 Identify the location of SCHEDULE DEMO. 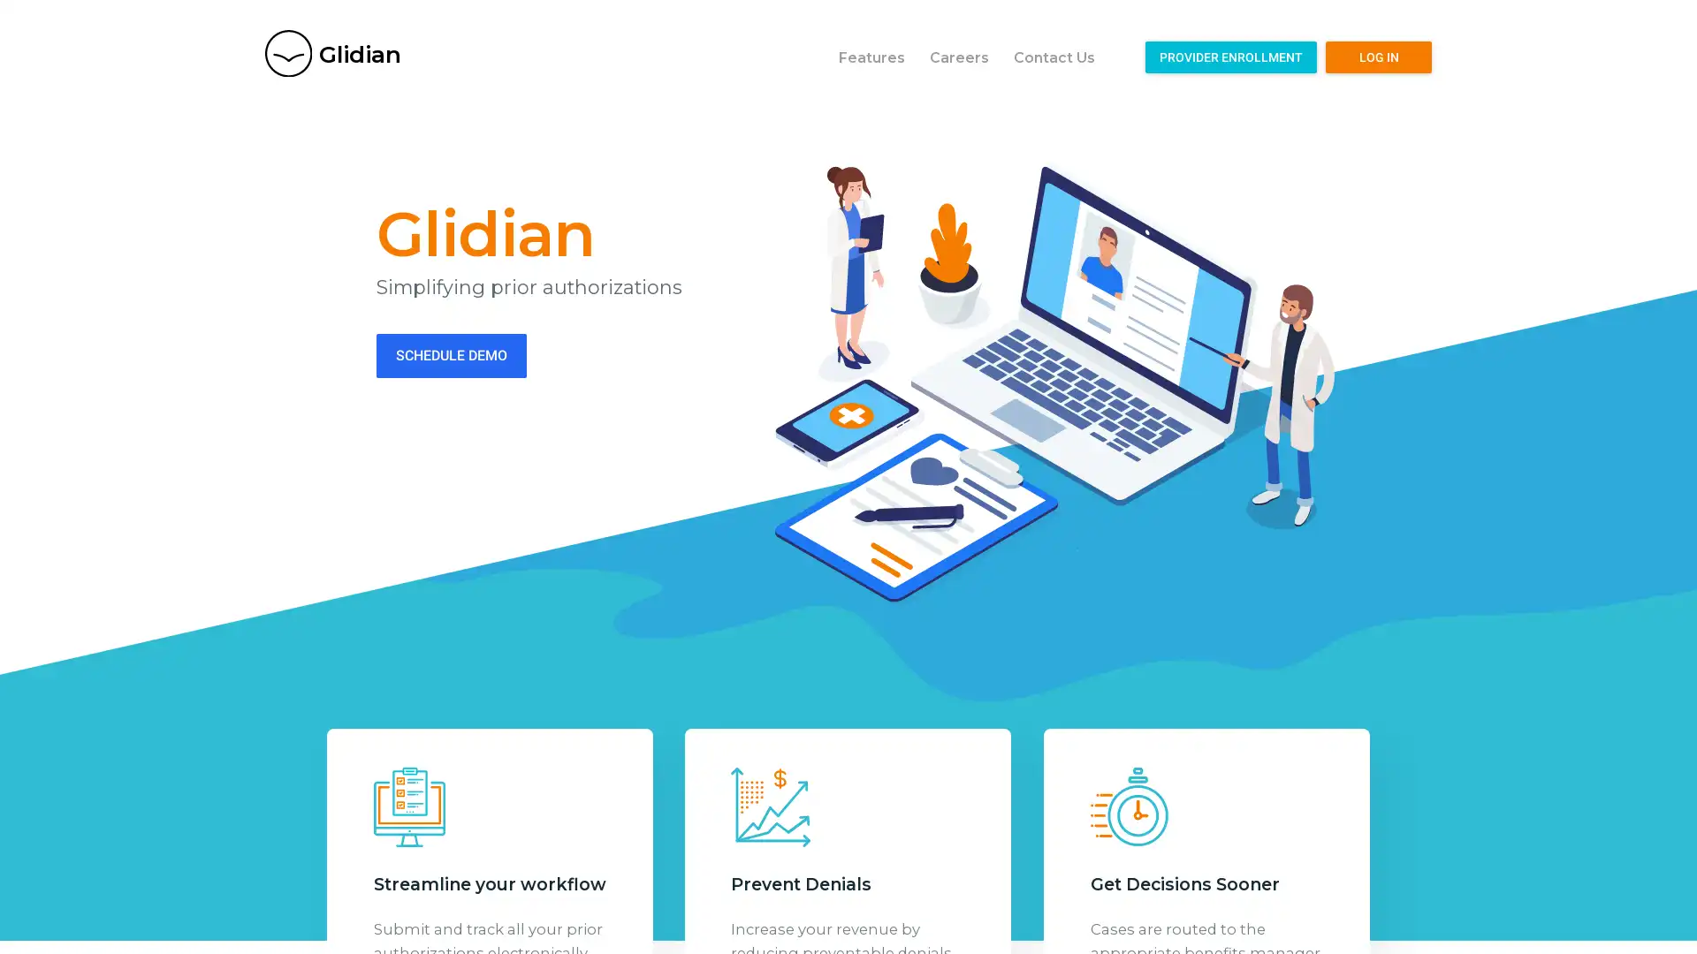
(450, 354).